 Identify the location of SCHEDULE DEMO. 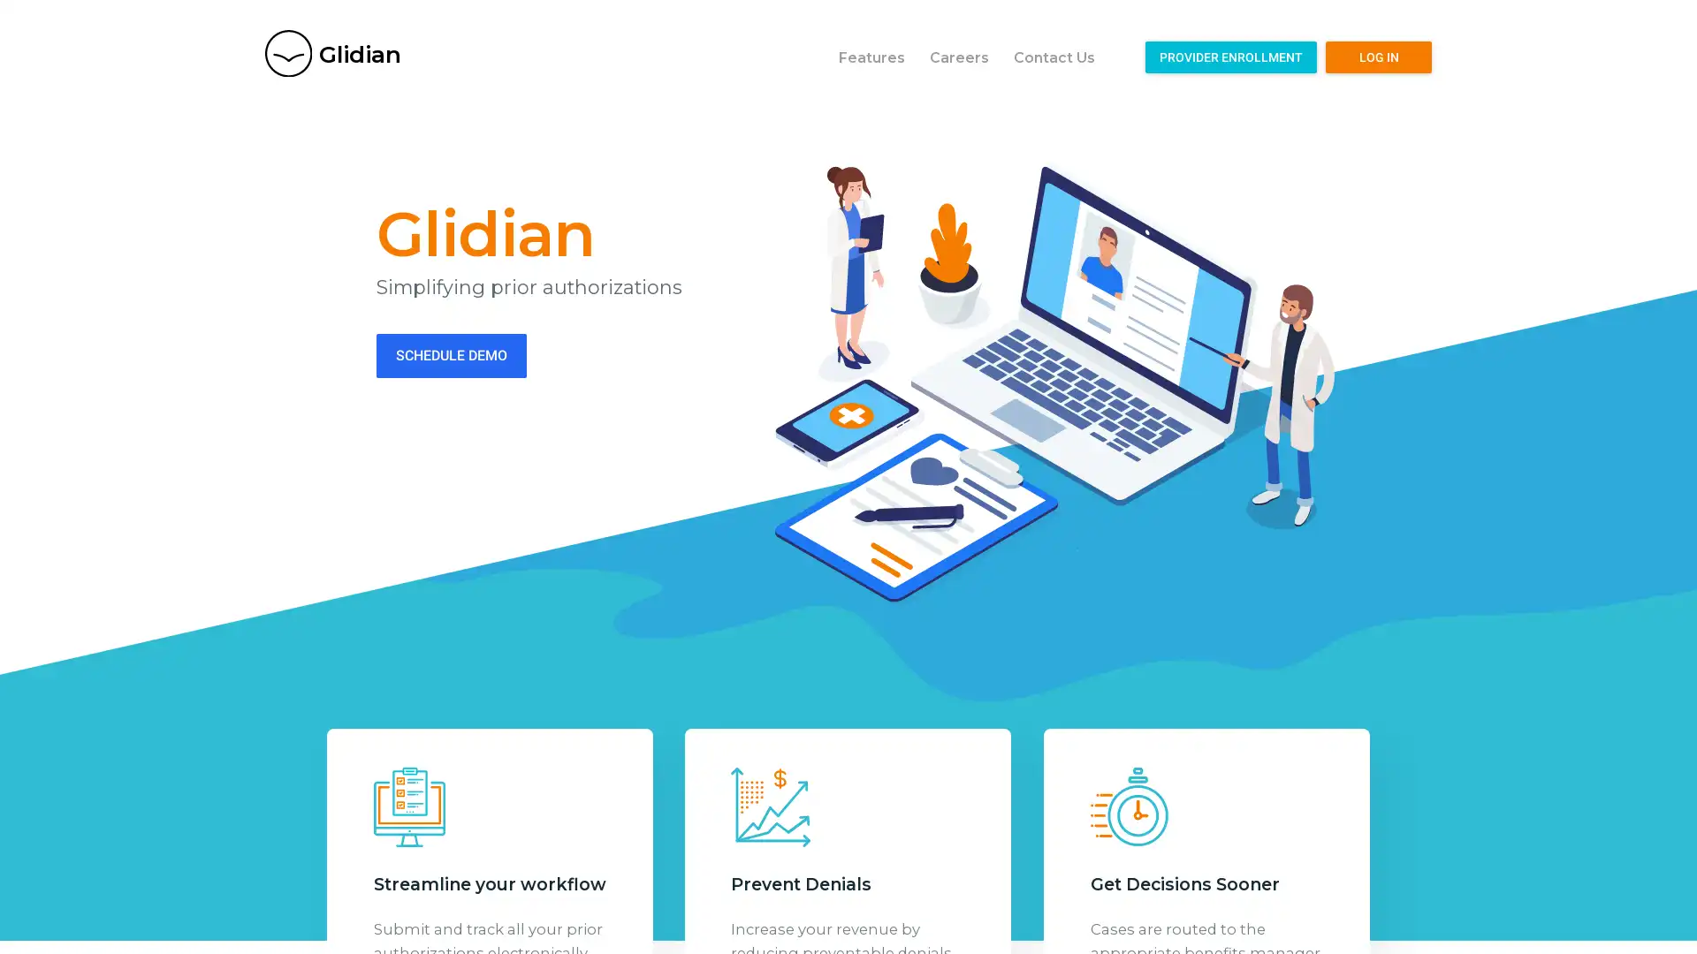
(450, 354).